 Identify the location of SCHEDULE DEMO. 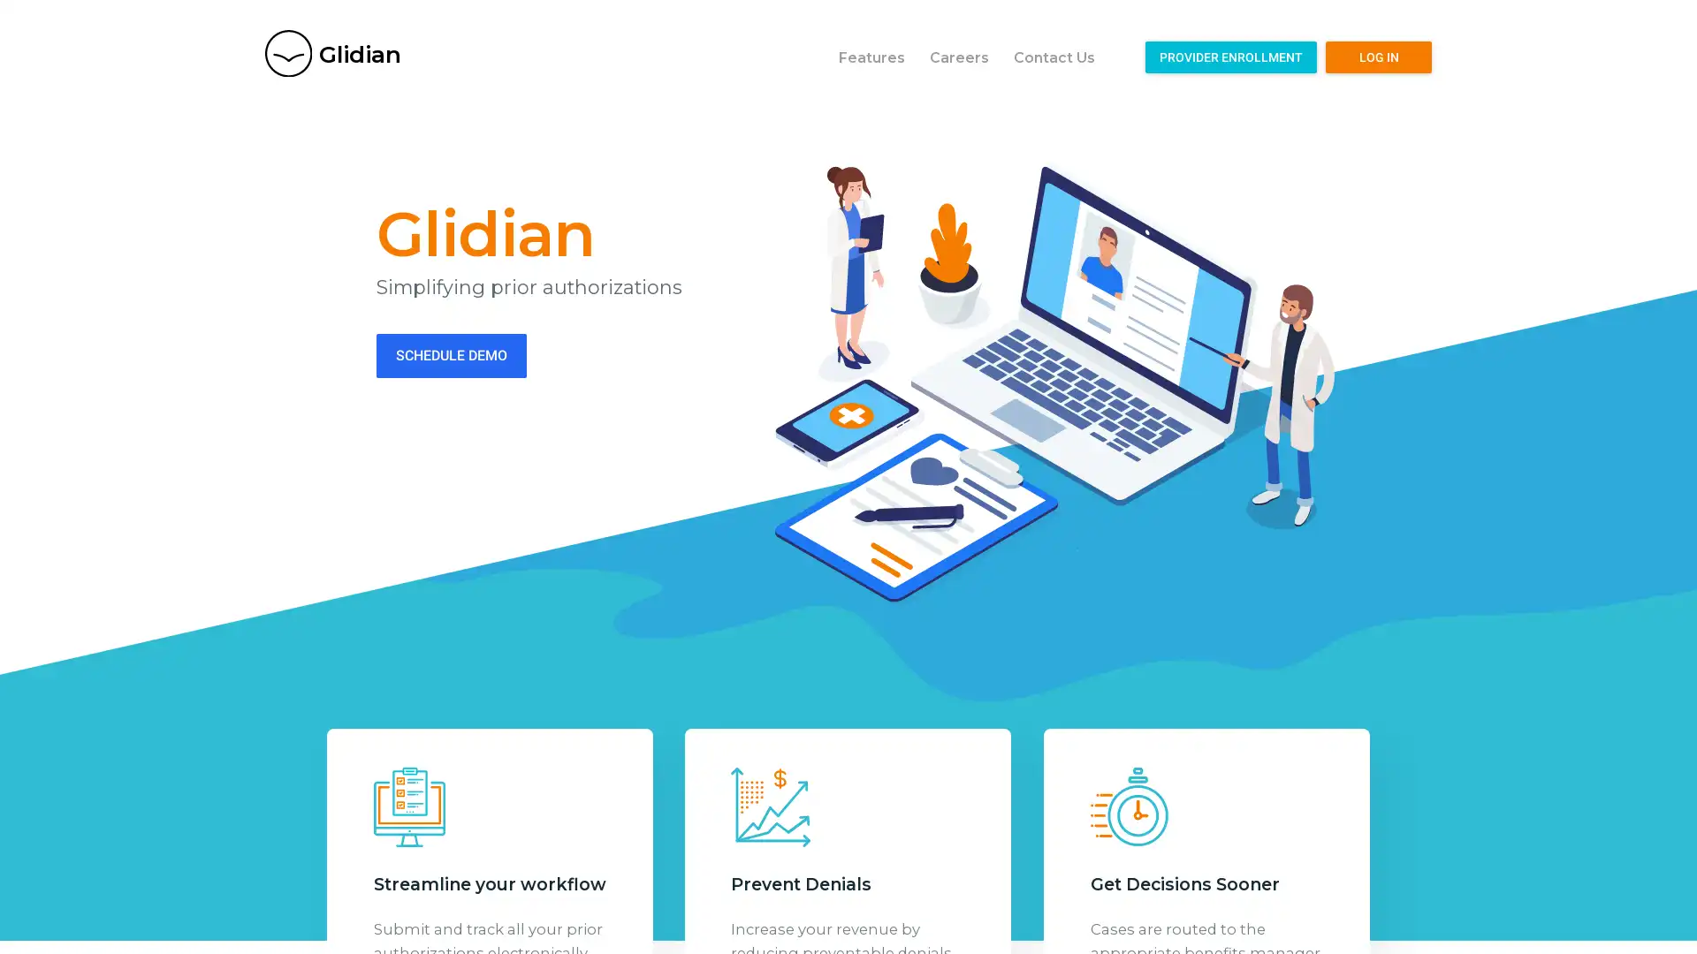
(450, 354).